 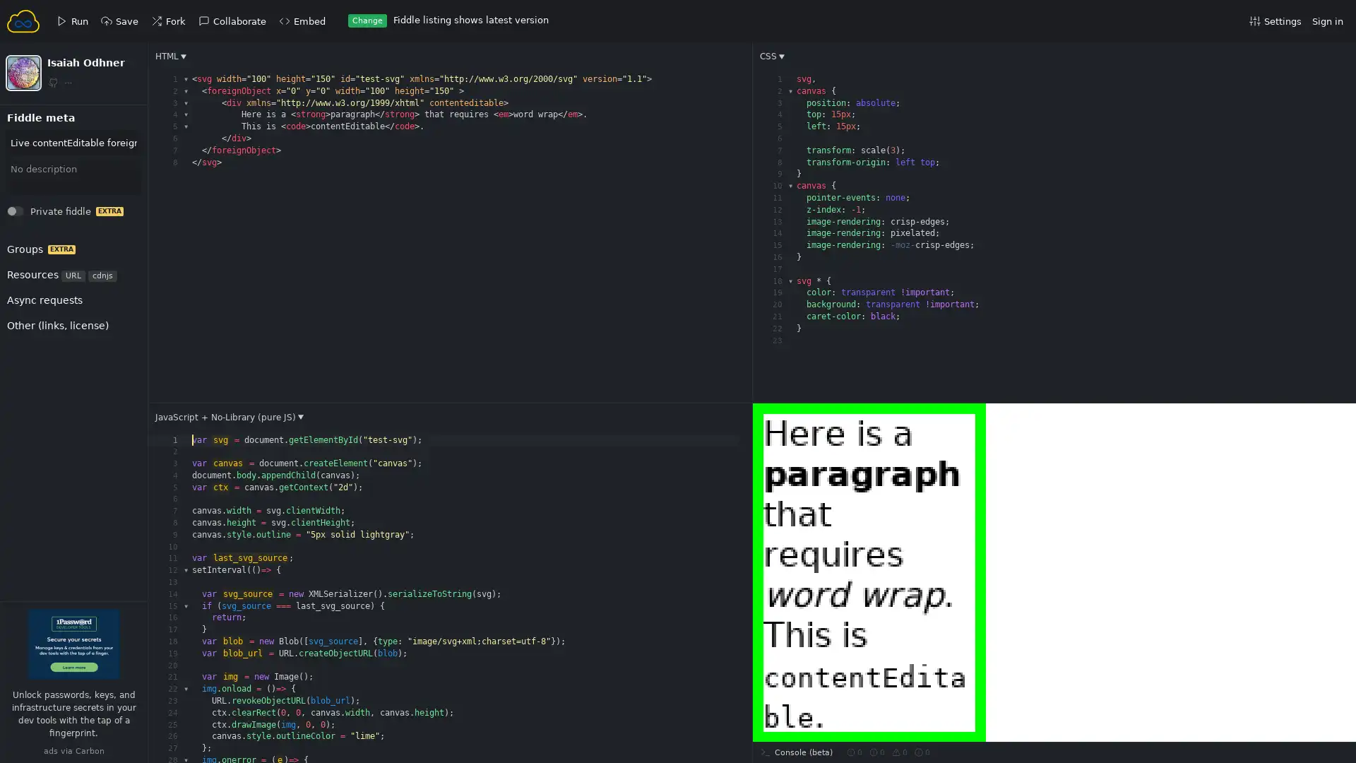 I want to click on Save, so click(x=30, y=152).